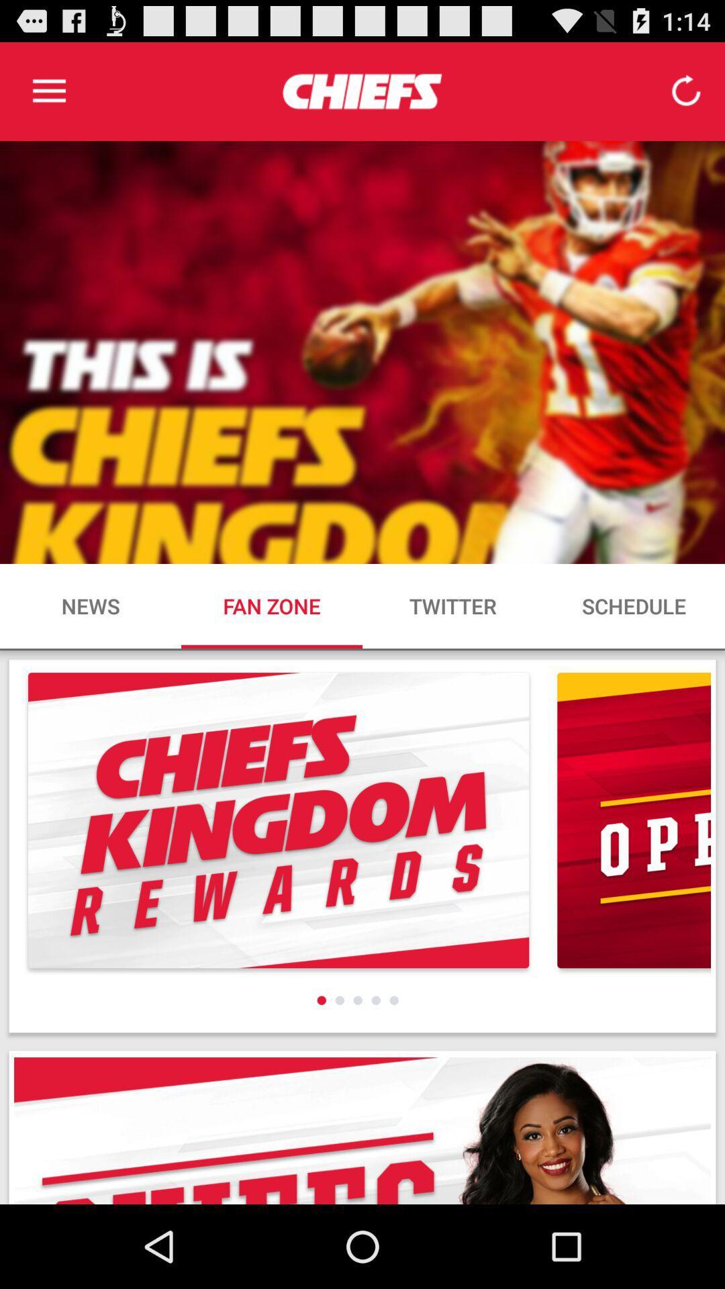 The width and height of the screenshot is (725, 1289). Describe the element at coordinates (48, 91) in the screenshot. I see `the icon at the top left corner` at that location.